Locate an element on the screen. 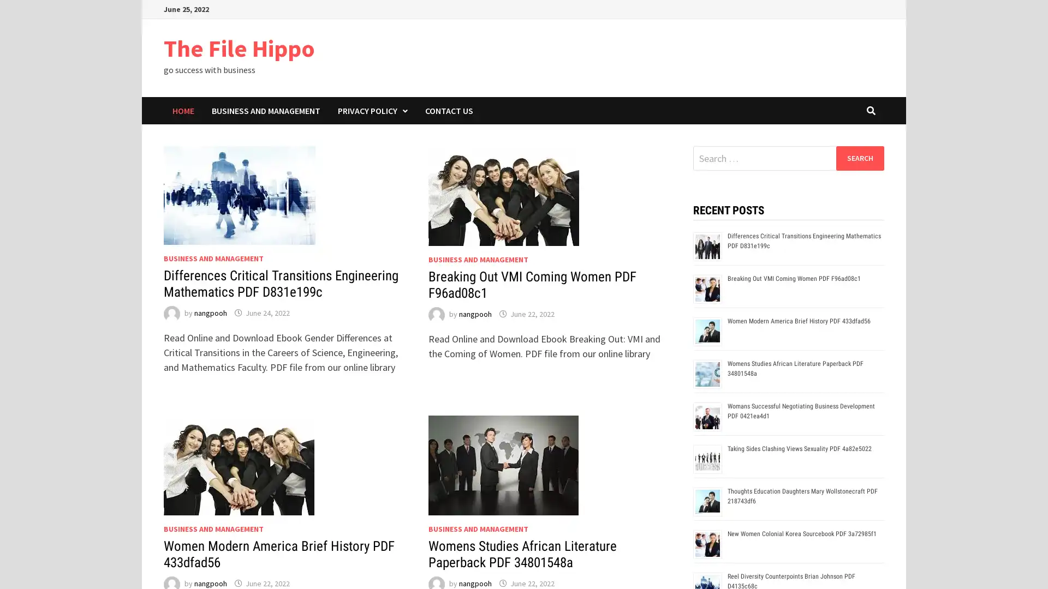 The image size is (1048, 589). Search is located at coordinates (859, 158).